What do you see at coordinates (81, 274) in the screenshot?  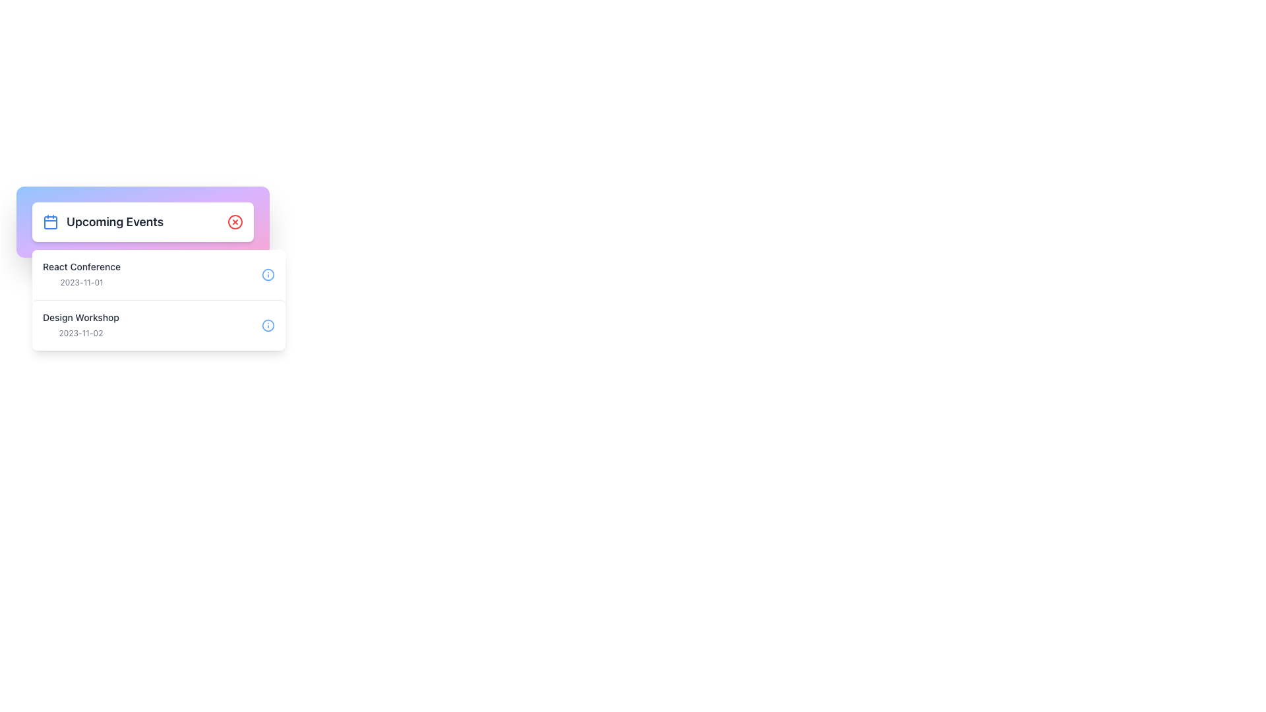 I see `the Composite UI element containing the text 'React Conference' and '2023-11-01'` at bounding box center [81, 274].